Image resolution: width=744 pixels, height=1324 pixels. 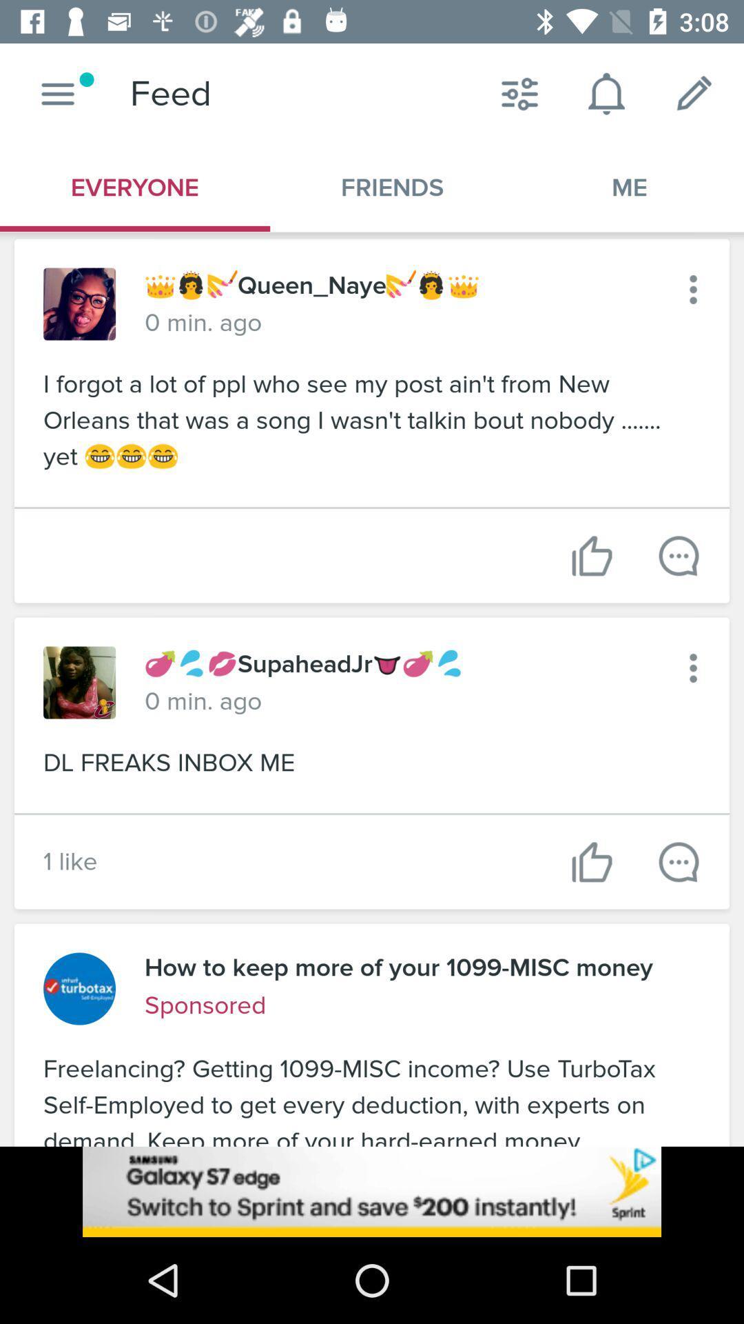 What do you see at coordinates (57, 93) in the screenshot?
I see `home` at bounding box center [57, 93].